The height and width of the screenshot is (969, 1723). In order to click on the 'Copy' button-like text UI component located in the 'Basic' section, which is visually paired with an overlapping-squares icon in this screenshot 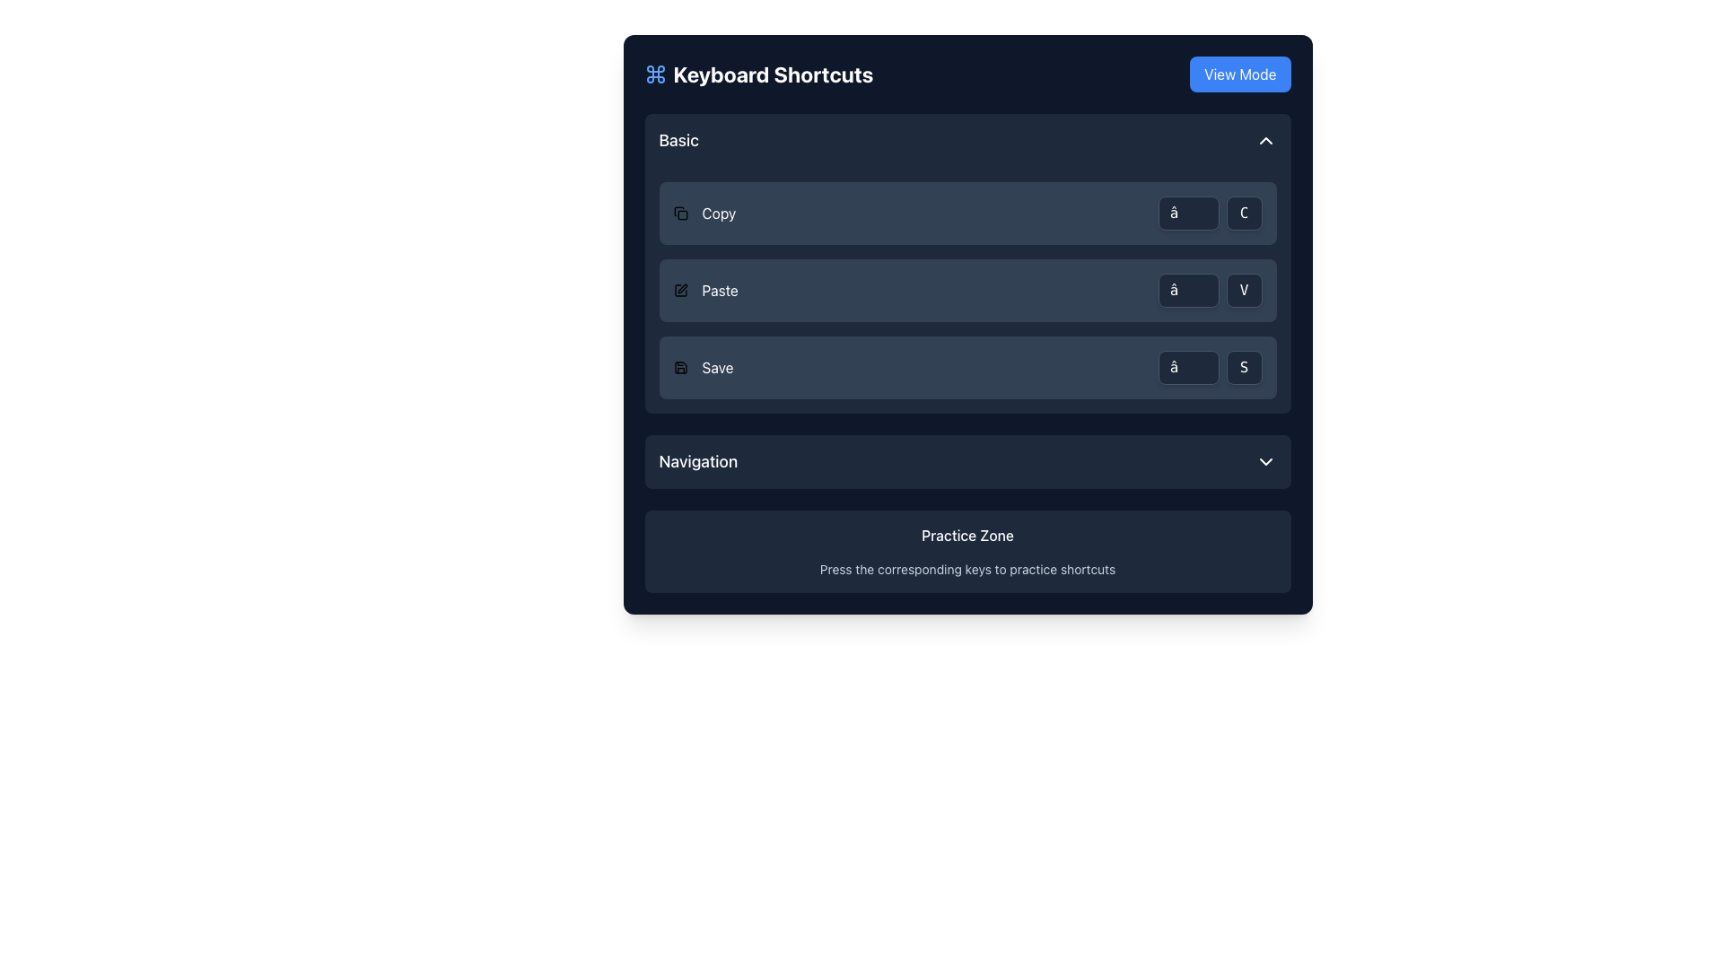, I will do `click(704, 213)`.